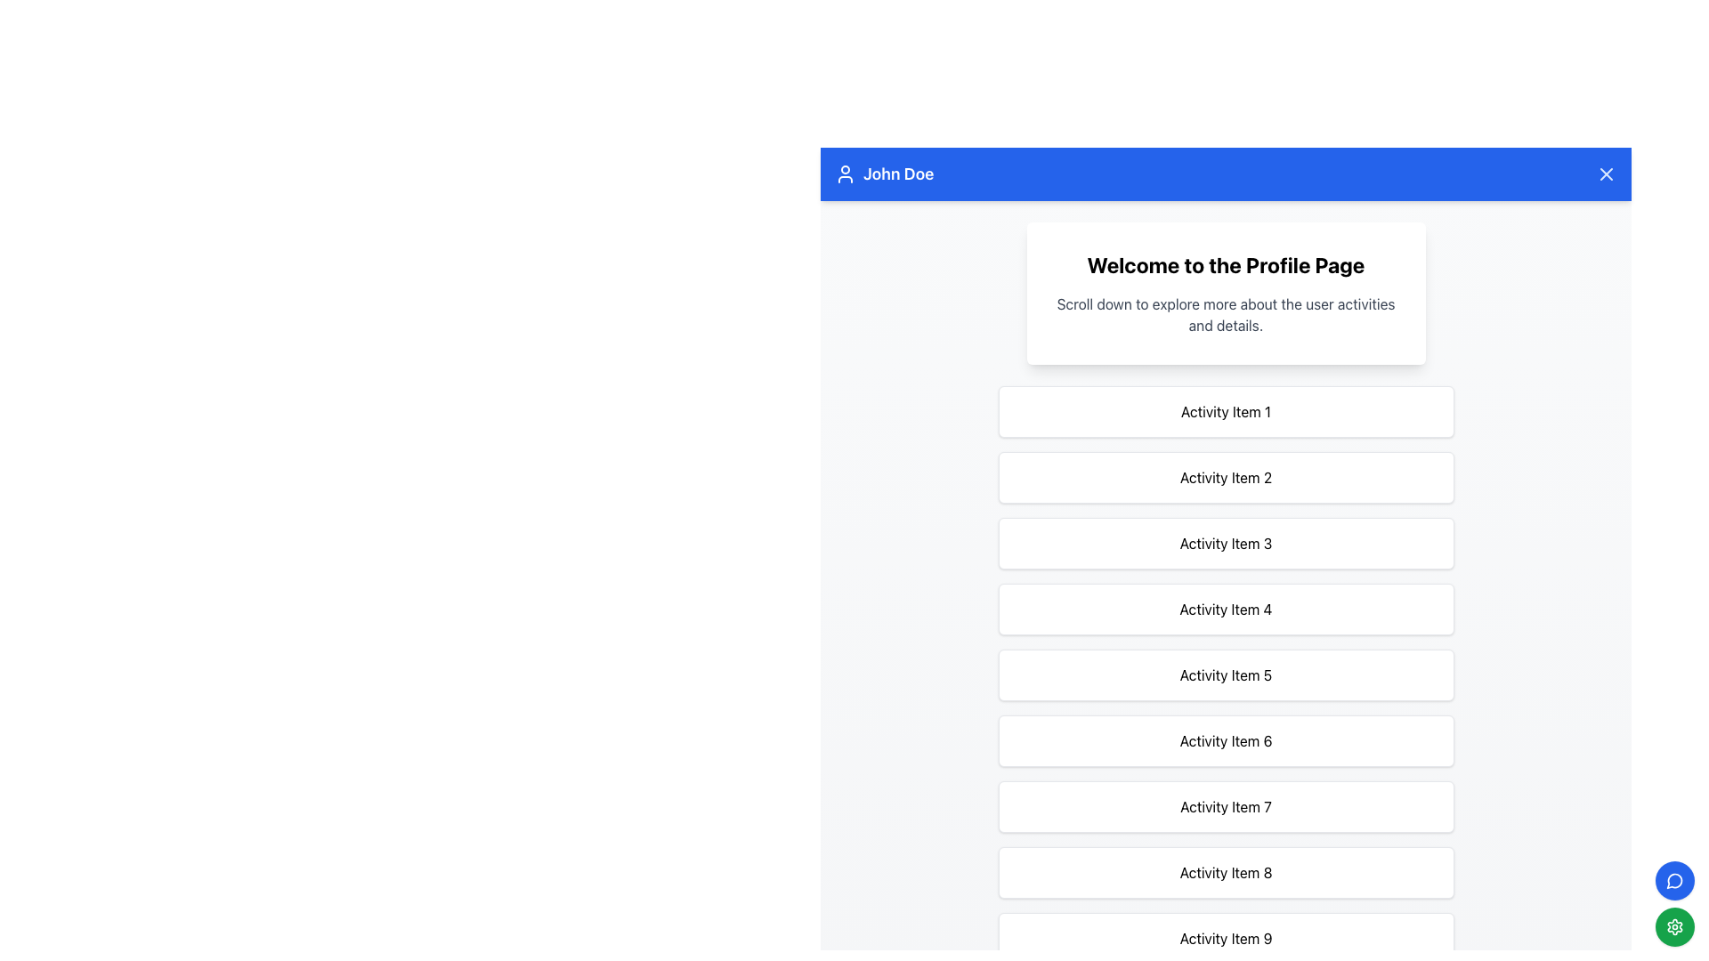 This screenshot has height=961, width=1709. What do you see at coordinates (1673, 881) in the screenshot?
I see `the circular blue button with a white speech bubble icon` at bounding box center [1673, 881].